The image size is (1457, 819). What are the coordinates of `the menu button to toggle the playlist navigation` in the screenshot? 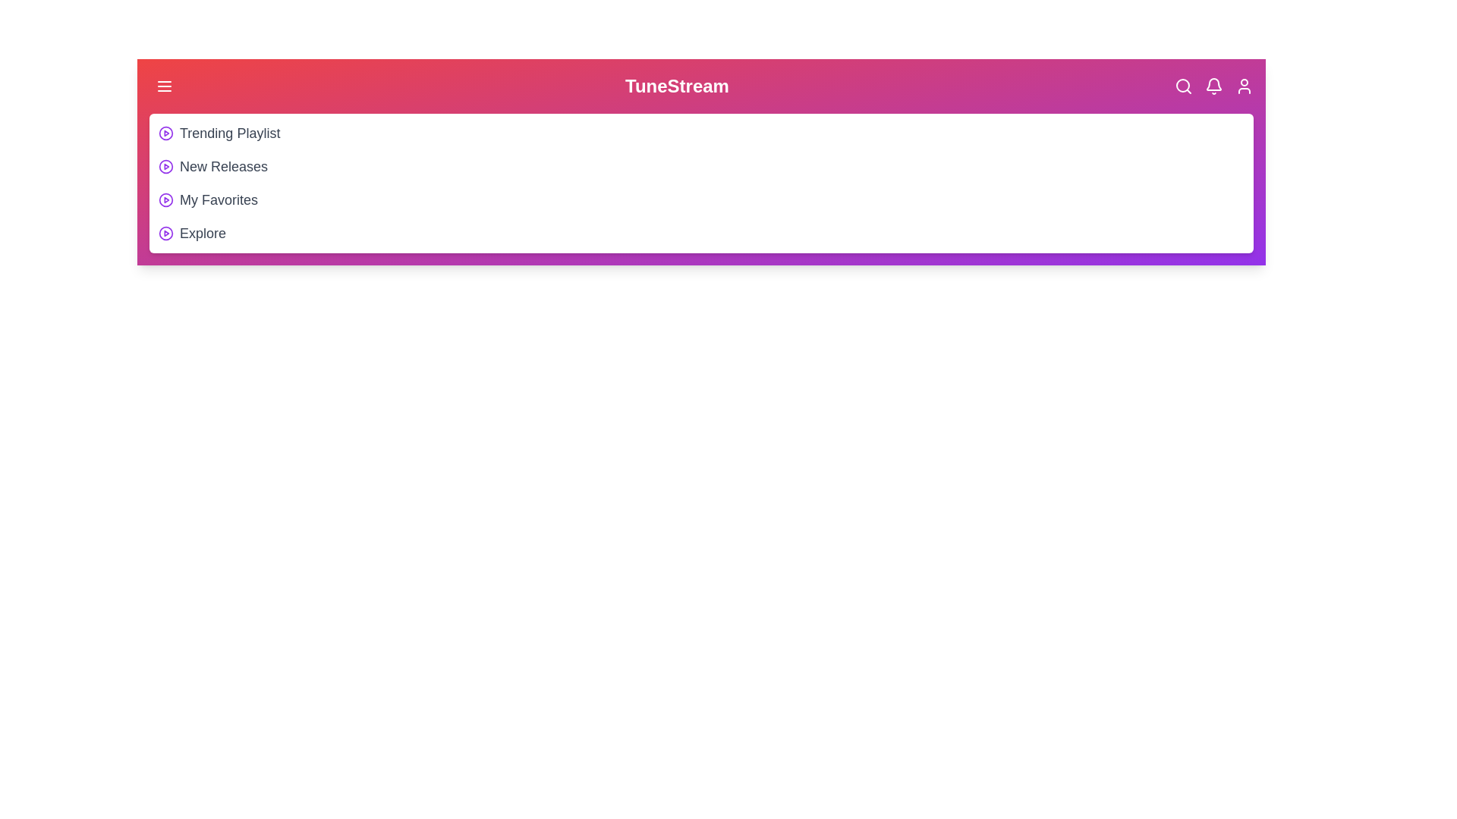 It's located at (164, 86).